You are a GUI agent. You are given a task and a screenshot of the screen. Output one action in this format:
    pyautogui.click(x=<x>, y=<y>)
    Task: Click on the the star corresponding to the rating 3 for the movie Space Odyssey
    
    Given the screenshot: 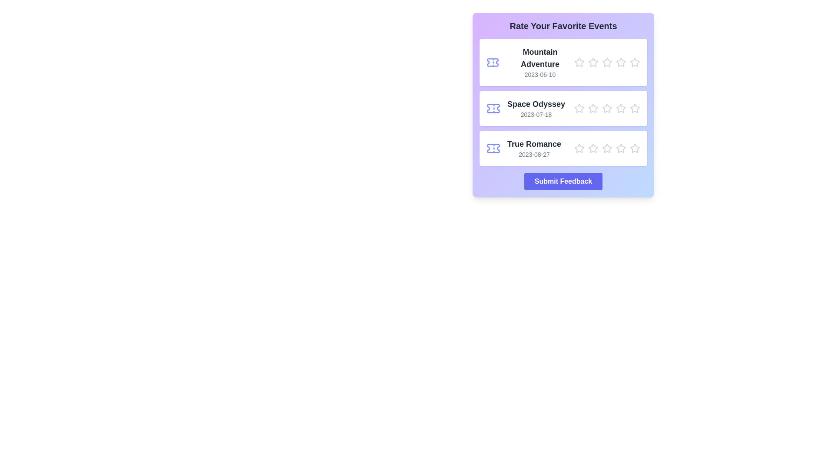 What is the action you would take?
    pyautogui.click(x=606, y=108)
    